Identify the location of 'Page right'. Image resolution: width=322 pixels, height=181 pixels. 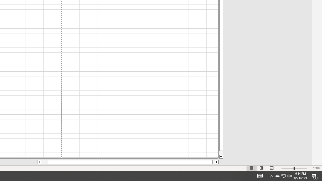
(214, 162).